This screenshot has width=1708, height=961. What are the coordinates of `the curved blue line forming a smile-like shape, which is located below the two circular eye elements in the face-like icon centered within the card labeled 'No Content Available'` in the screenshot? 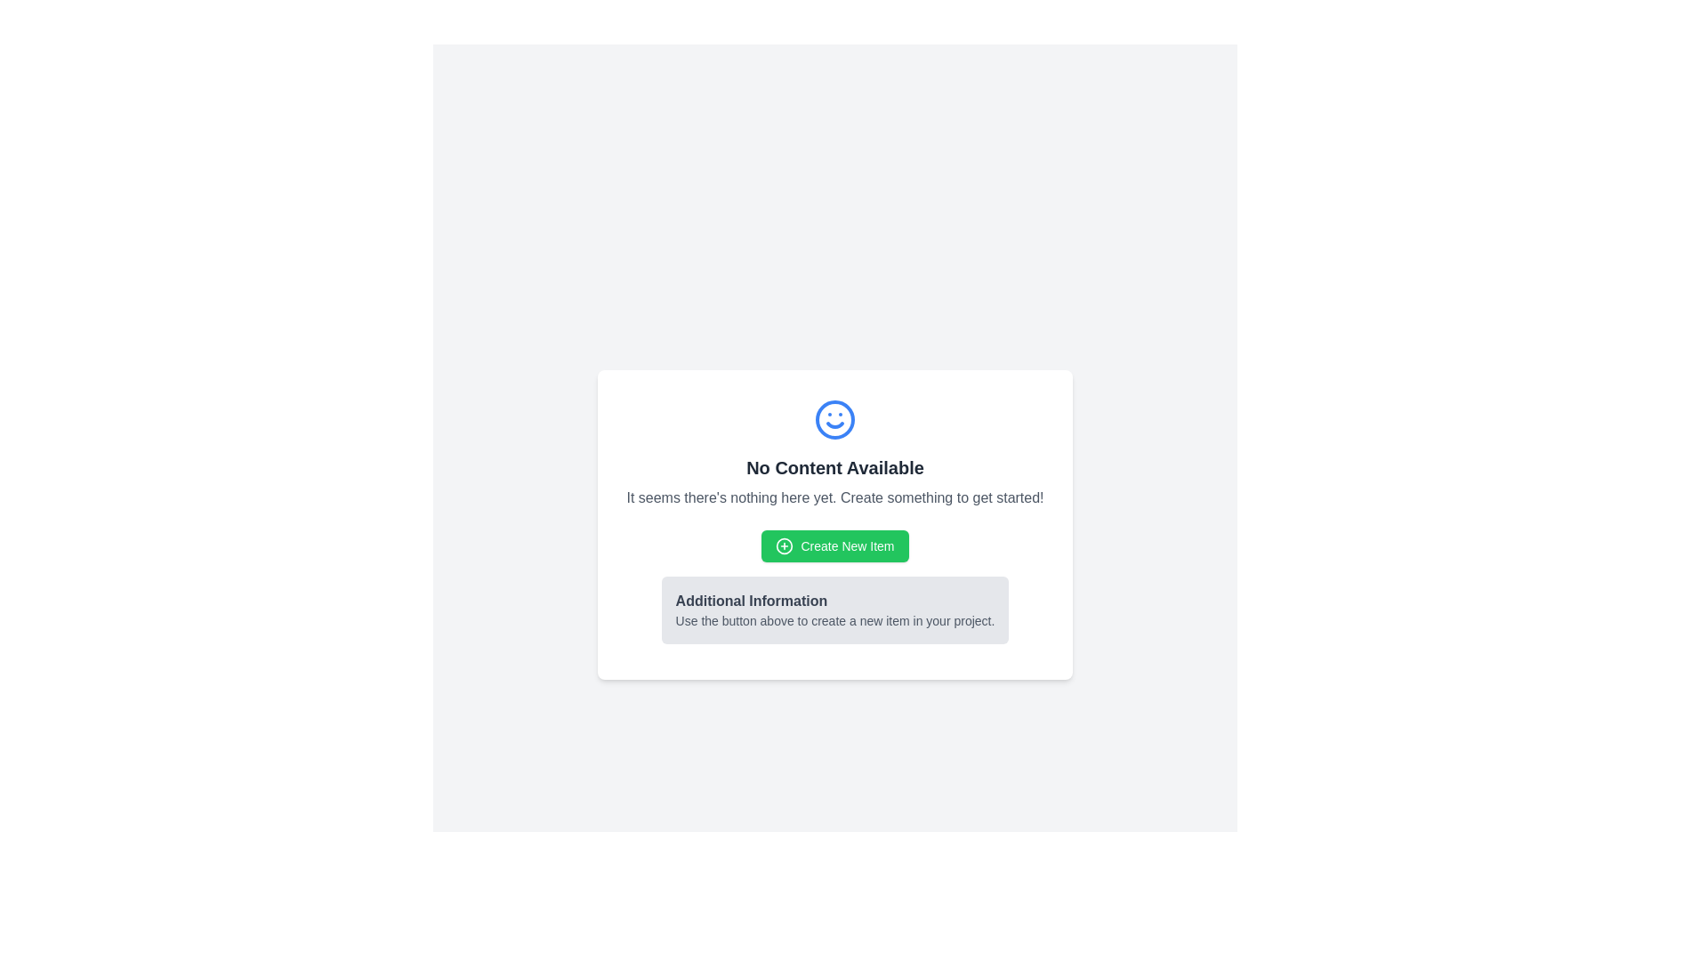 It's located at (834, 425).